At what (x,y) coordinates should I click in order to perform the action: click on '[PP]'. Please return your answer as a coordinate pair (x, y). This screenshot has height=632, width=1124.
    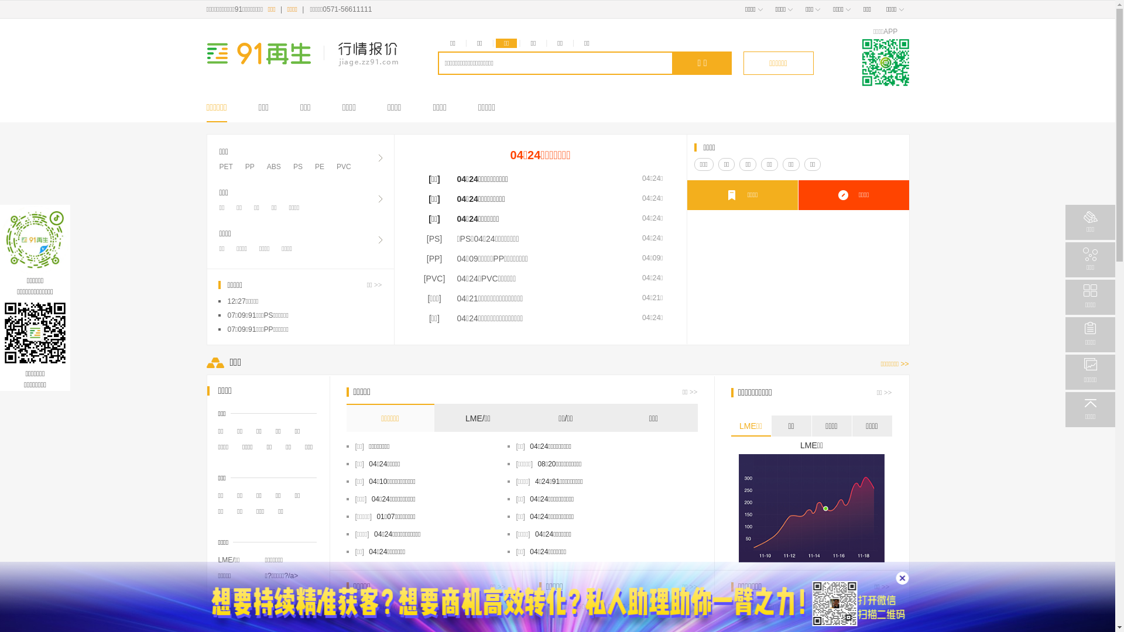
    Looking at the image, I should click on (434, 258).